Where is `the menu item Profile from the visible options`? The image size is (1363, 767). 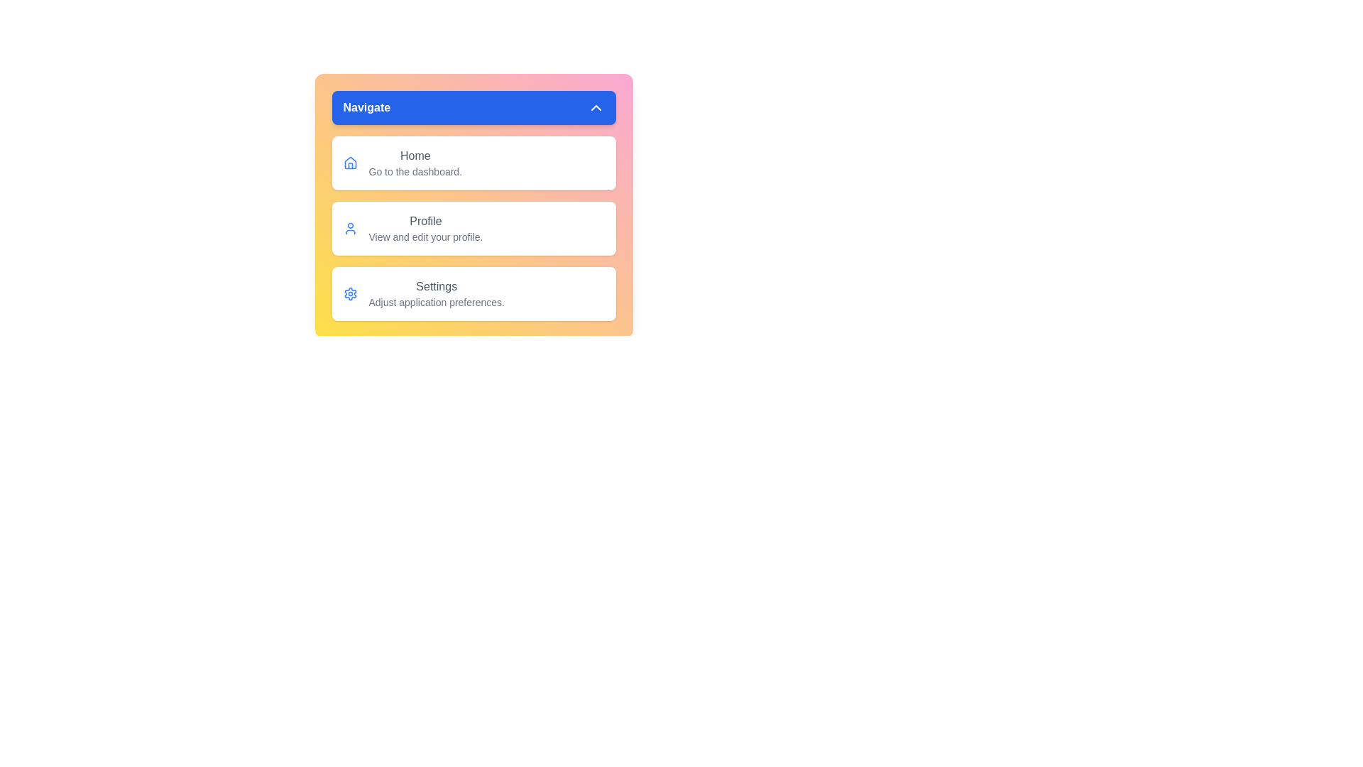 the menu item Profile from the visible options is located at coordinates (474, 227).